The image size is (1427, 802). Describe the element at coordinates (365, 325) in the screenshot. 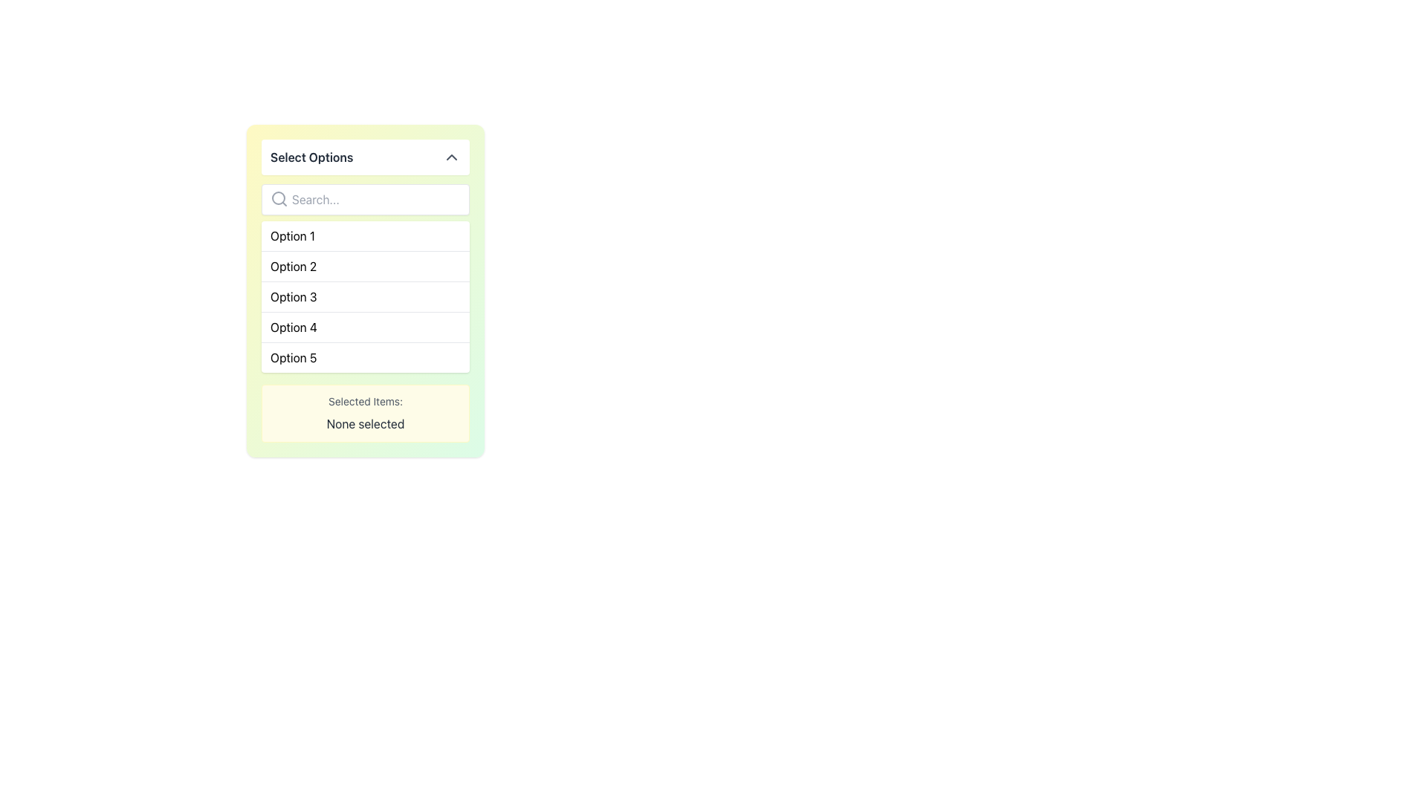

I see `the fourth item in the dropdown menu` at that location.